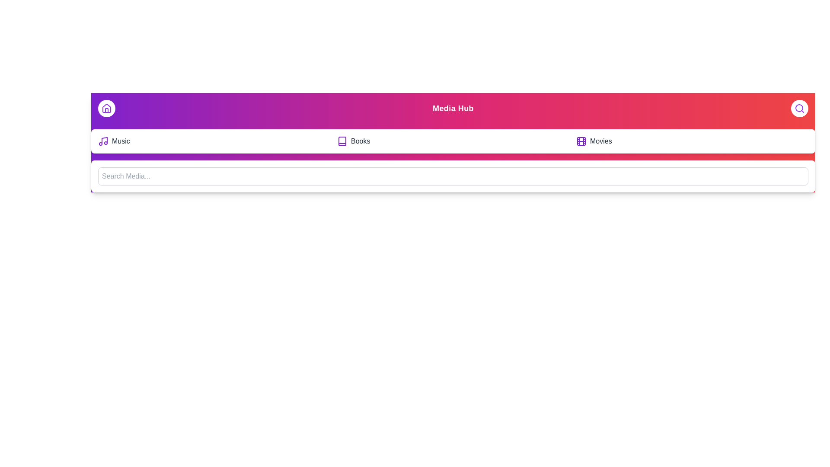 The width and height of the screenshot is (830, 467). What do you see at coordinates (452, 141) in the screenshot?
I see `the 'Books' option in the MediaAppBar` at bounding box center [452, 141].